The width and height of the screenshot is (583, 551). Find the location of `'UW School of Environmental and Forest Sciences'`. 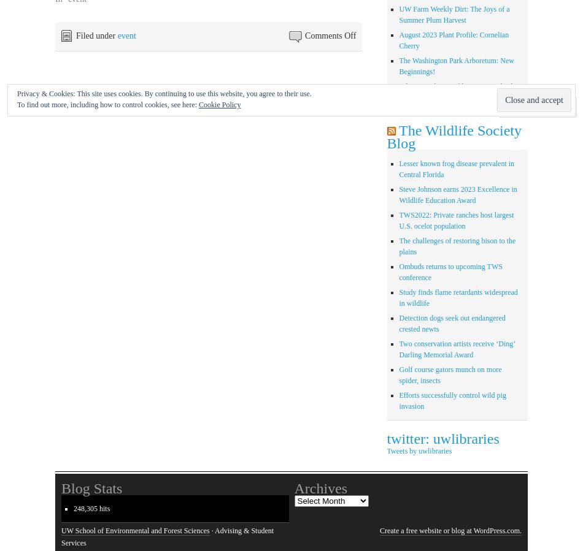

'UW School of Environmental and Forest Sciences' is located at coordinates (135, 530).